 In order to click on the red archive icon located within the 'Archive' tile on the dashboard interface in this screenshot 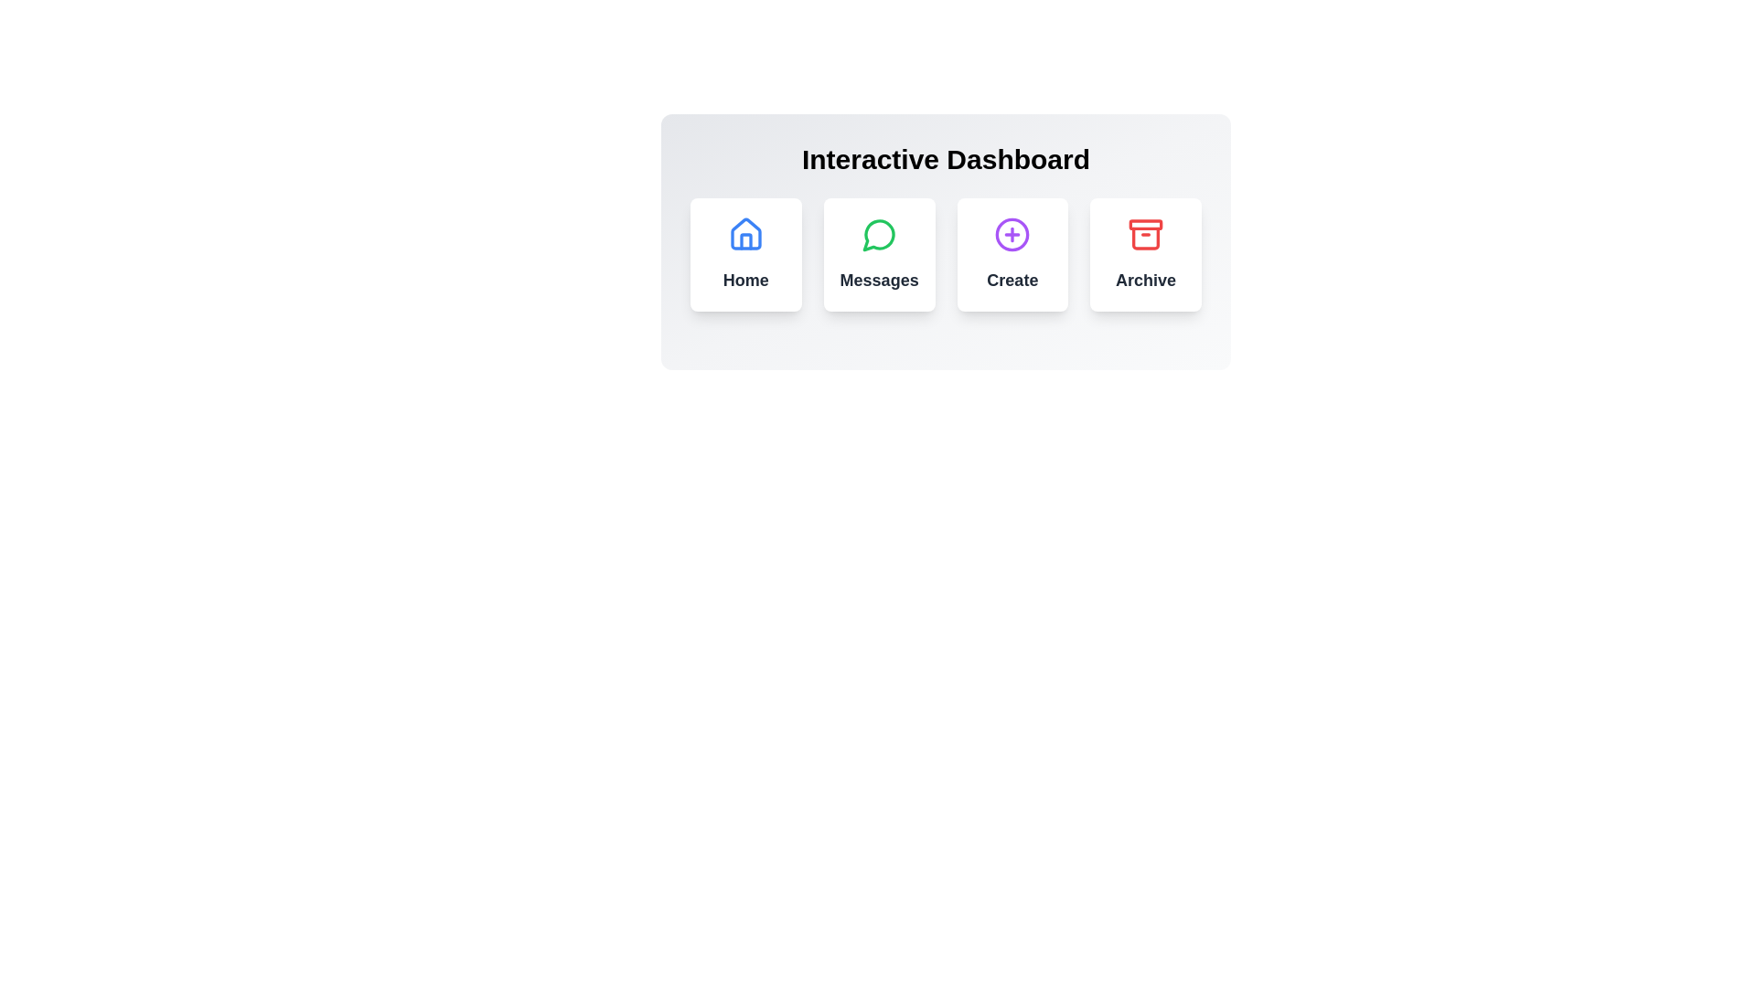, I will do `click(1145, 234)`.